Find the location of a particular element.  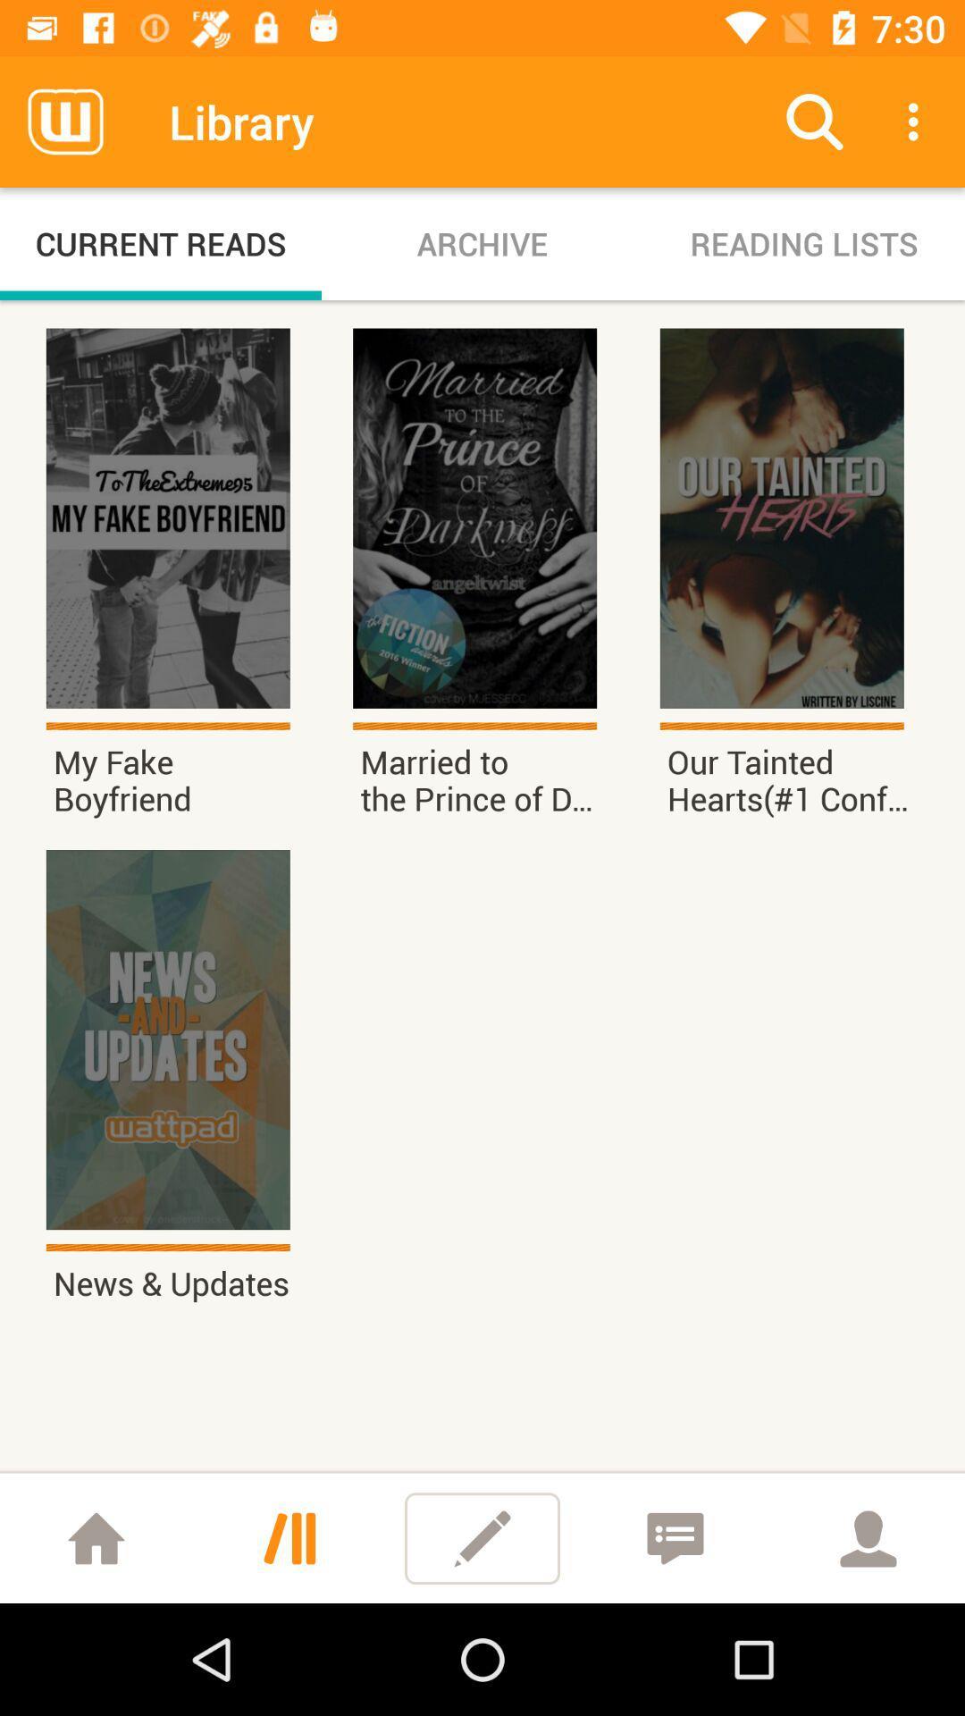

the icon next to archive is located at coordinates (814, 121).